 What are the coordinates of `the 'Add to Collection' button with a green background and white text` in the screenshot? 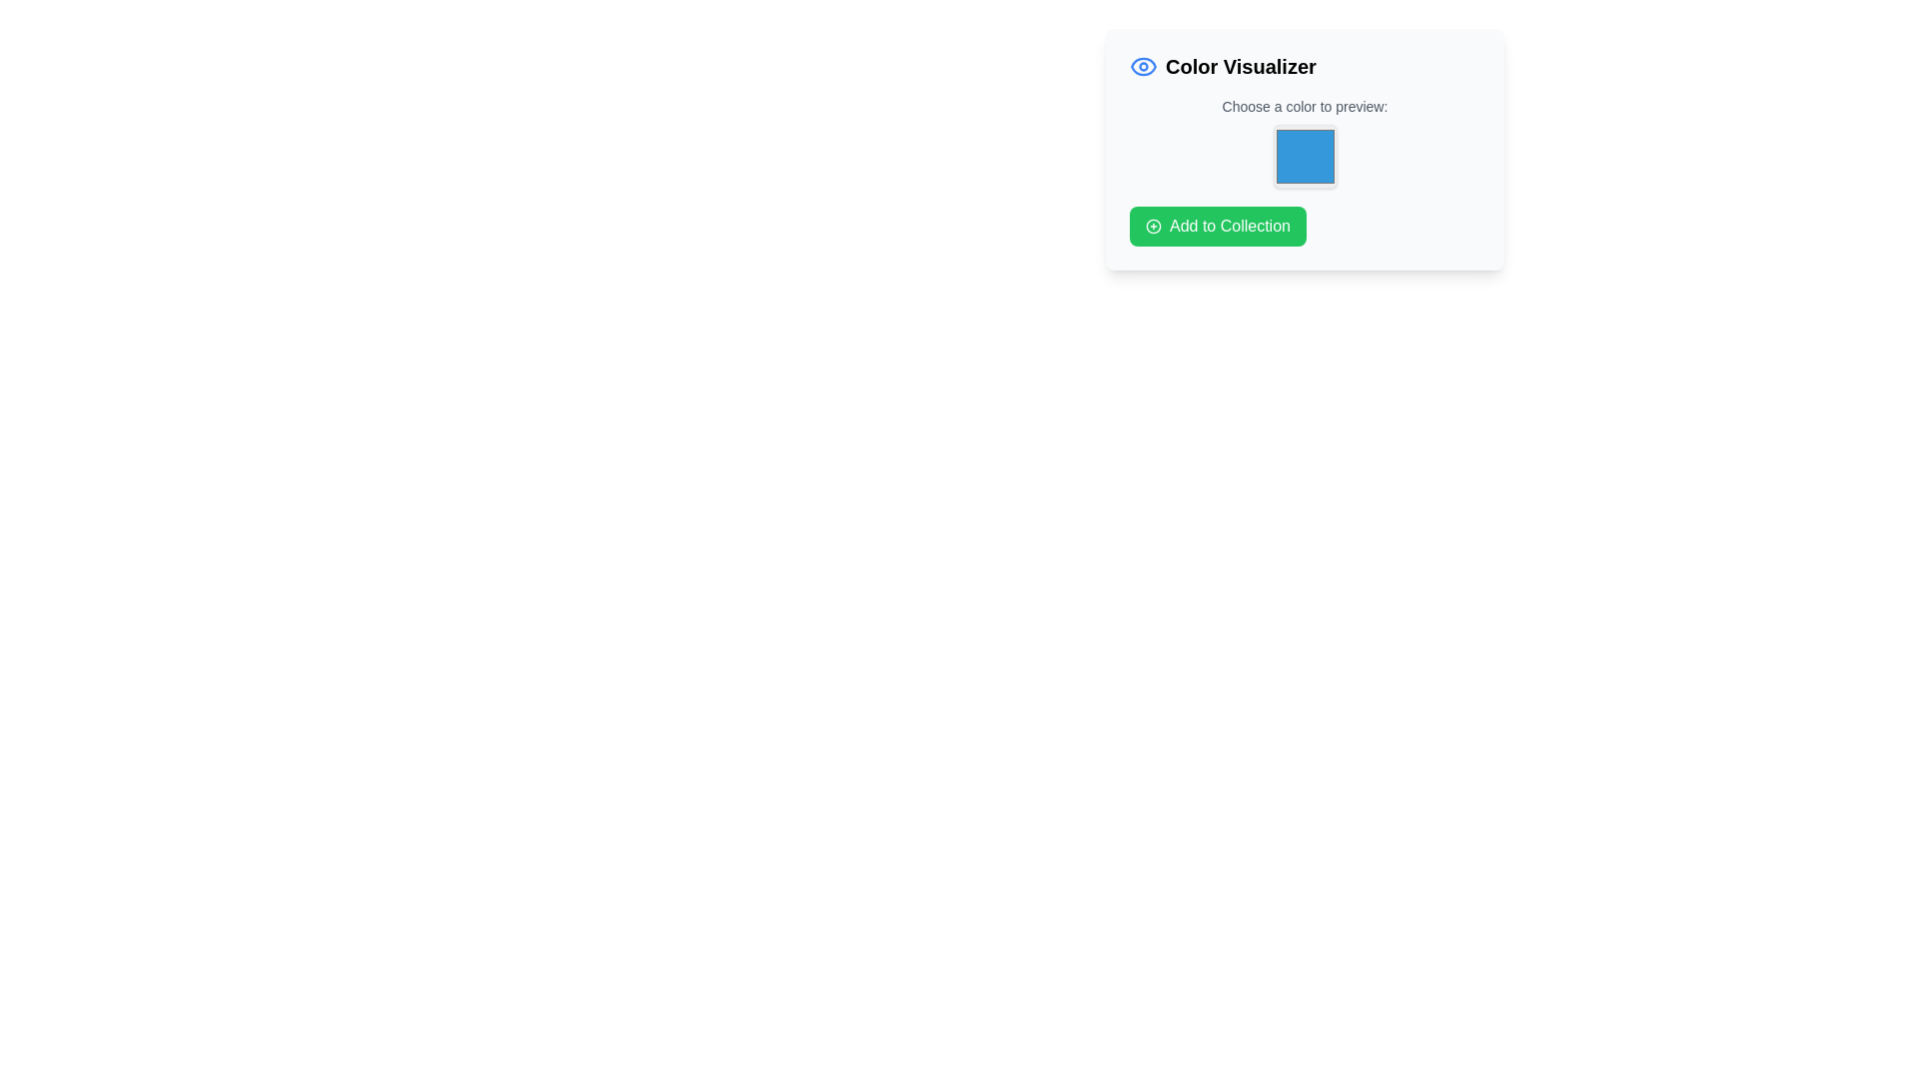 It's located at (1217, 226).